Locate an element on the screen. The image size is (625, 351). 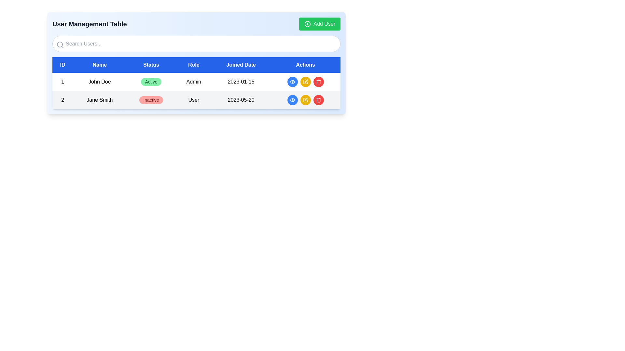
the circular element of the SVG icon representing the 'Add User' functionality located within the green button at the top-right corner of the interface is located at coordinates (307, 23).